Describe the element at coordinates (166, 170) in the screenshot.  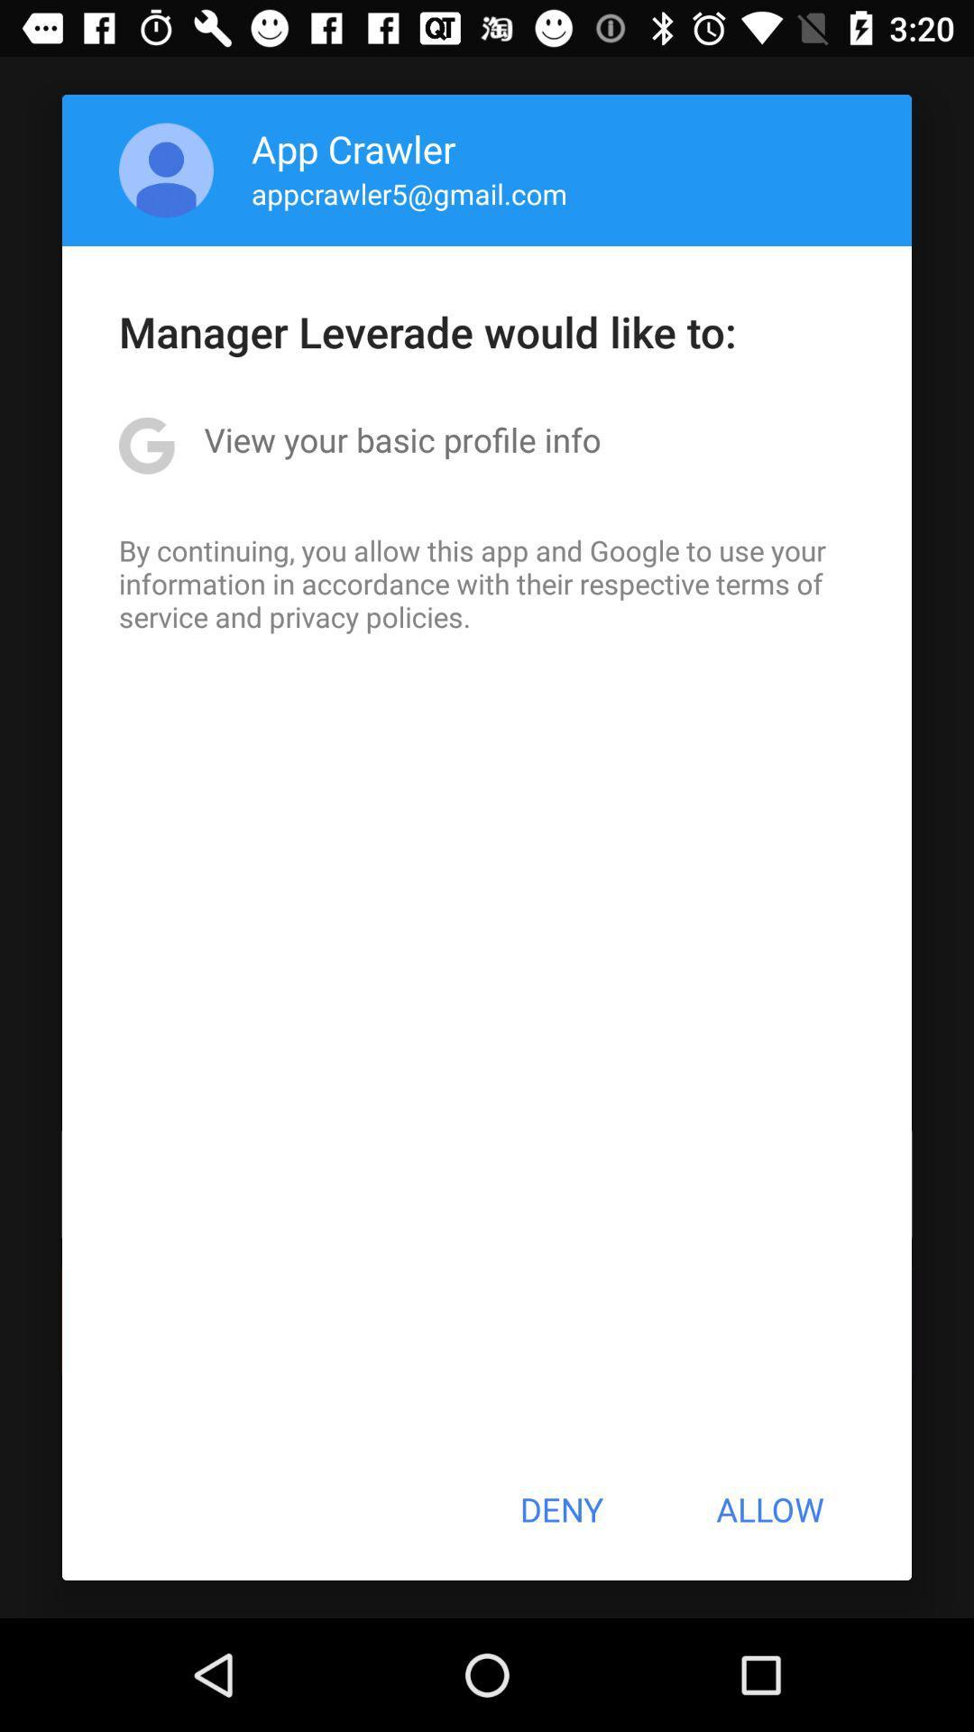
I see `the app to the left of app crawler item` at that location.